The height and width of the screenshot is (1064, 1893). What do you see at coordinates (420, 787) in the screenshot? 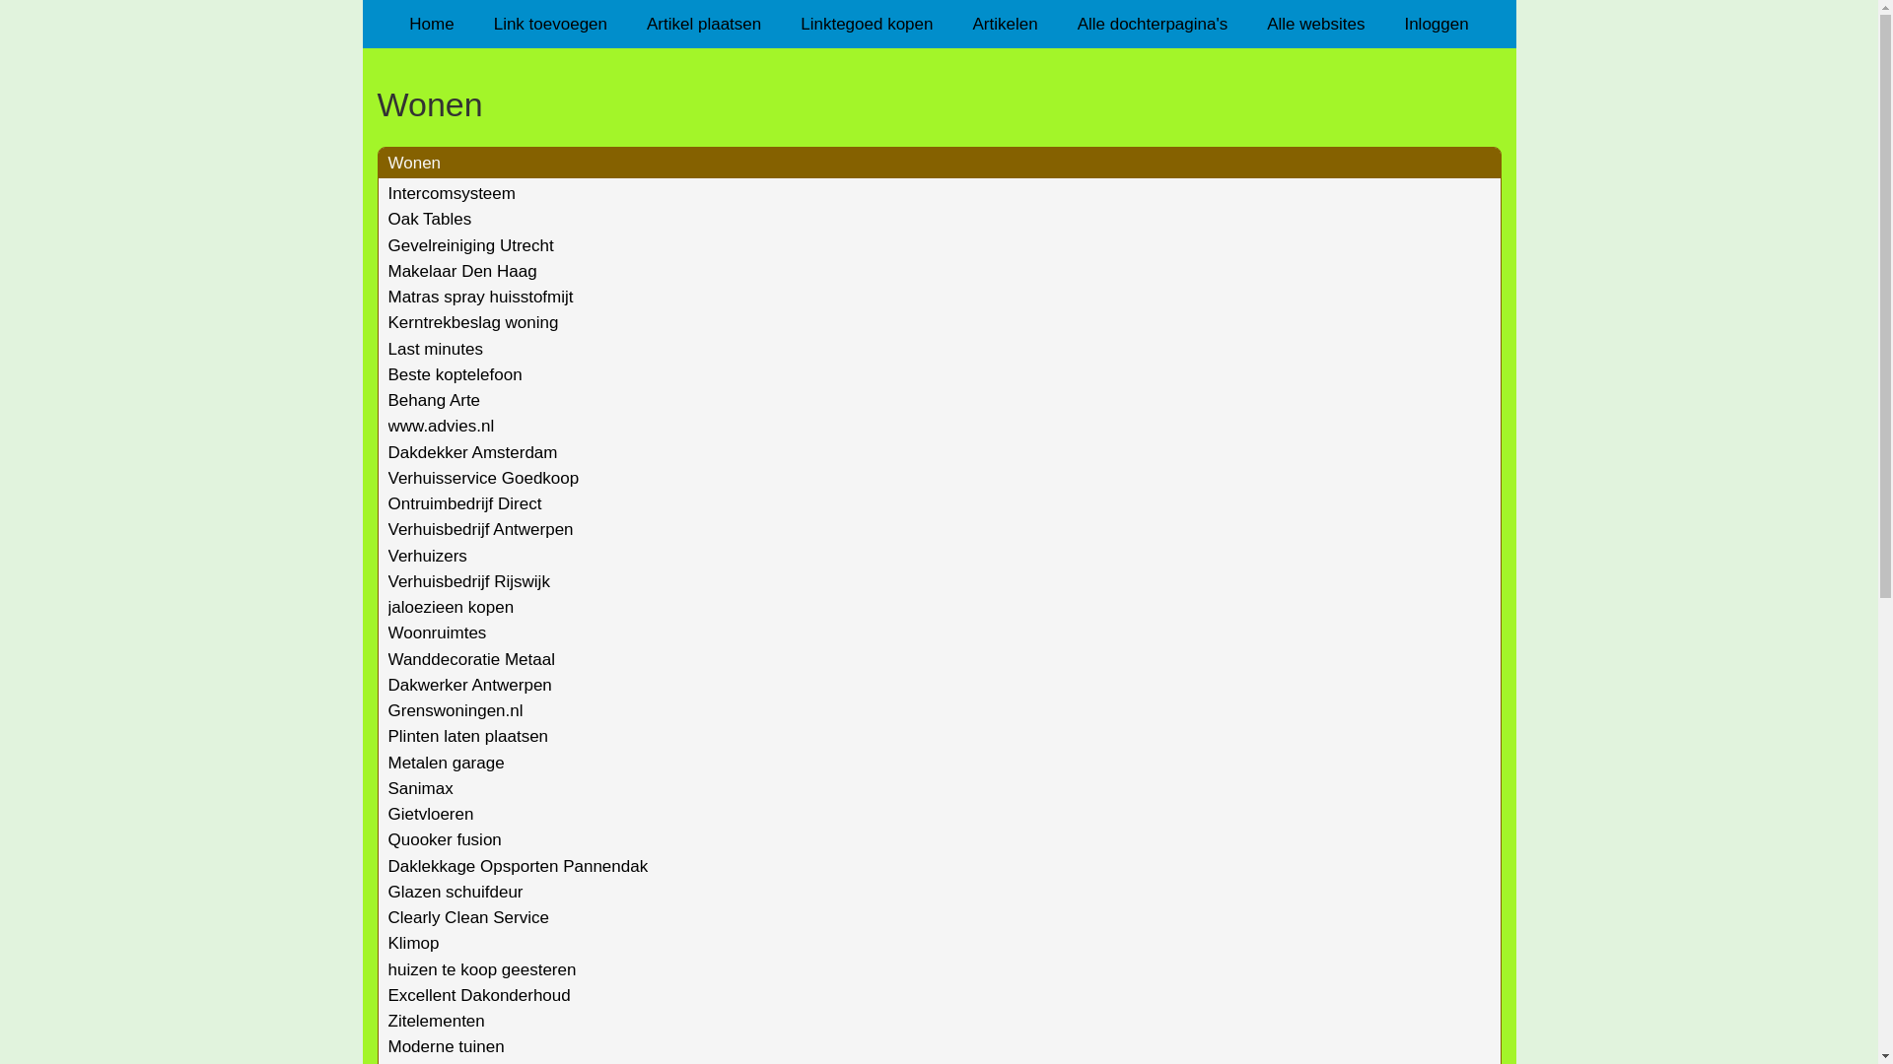
I see `'Sanimax'` at bounding box center [420, 787].